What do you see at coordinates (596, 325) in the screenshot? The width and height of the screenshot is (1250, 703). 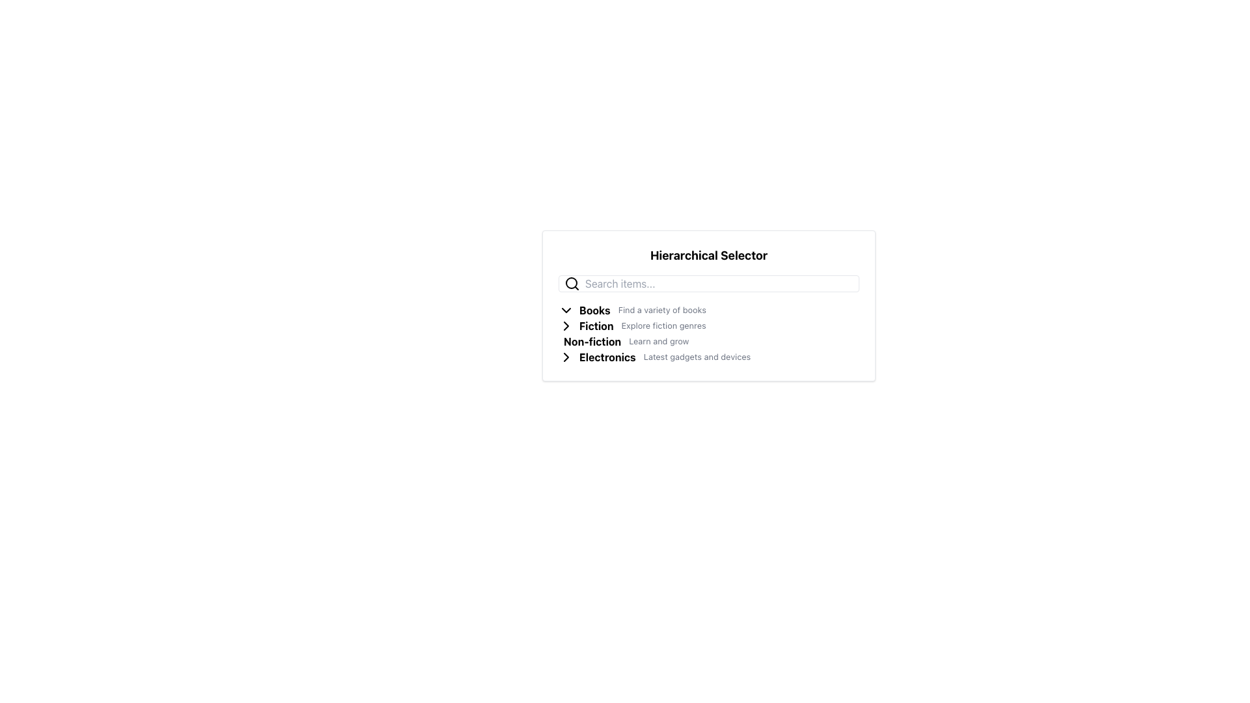 I see `the 'Fiction' text label, which is a bold item under the 'Books' category in the hierarchical selector widget` at bounding box center [596, 325].